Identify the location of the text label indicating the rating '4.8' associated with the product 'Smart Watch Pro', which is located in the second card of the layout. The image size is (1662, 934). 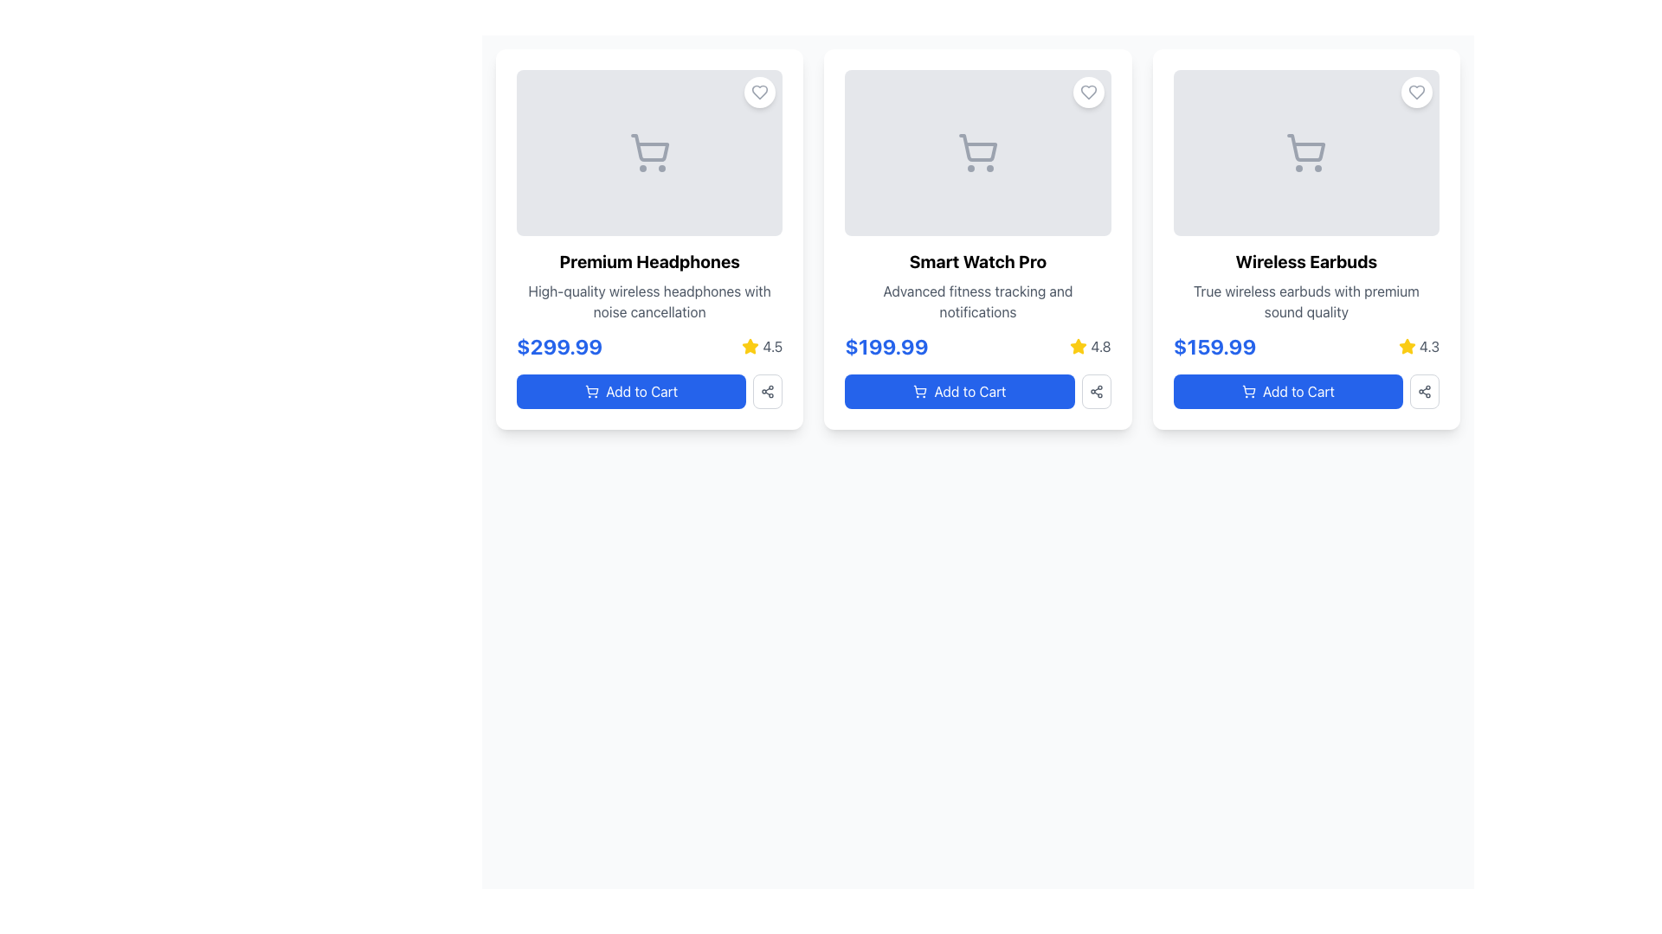
(1100, 347).